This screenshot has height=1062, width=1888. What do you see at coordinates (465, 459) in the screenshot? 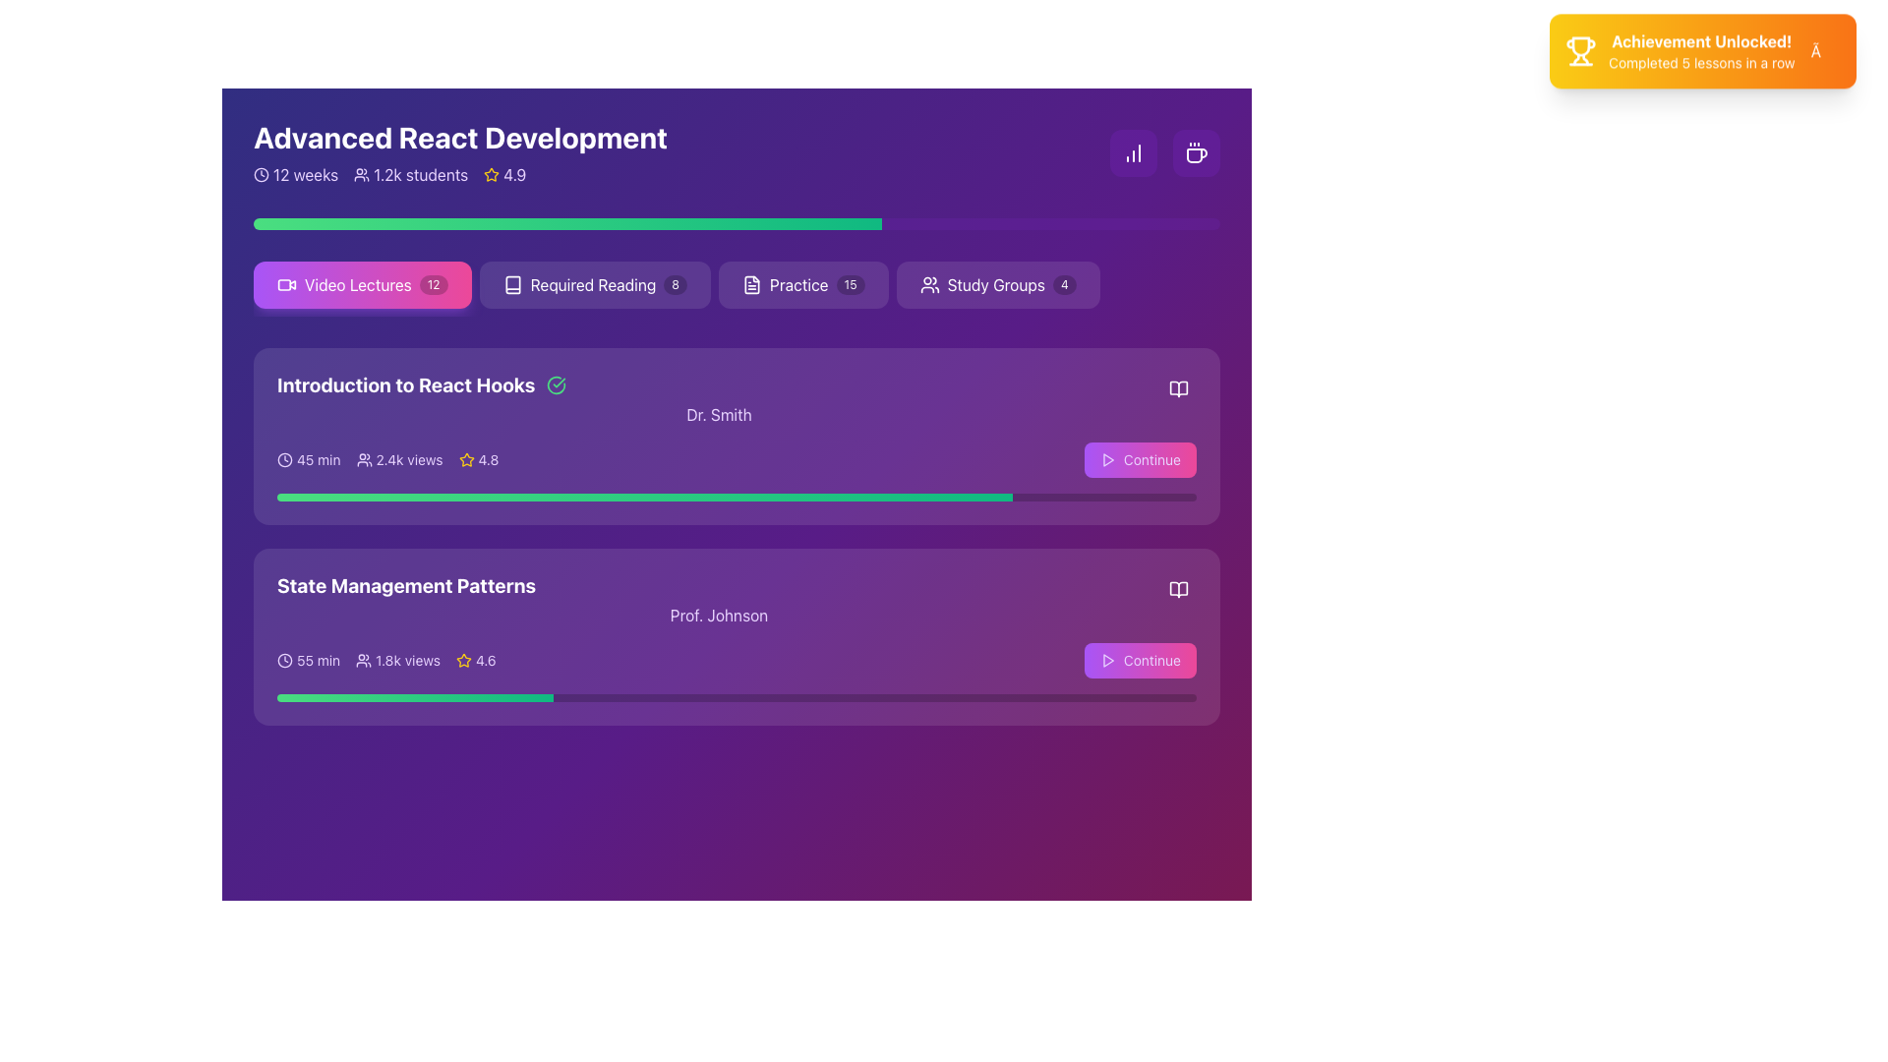
I see `the yellow star icon associated with the rating of '4.8' in the 'Introduction to React Hooks' card to interact with it` at bounding box center [465, 459].